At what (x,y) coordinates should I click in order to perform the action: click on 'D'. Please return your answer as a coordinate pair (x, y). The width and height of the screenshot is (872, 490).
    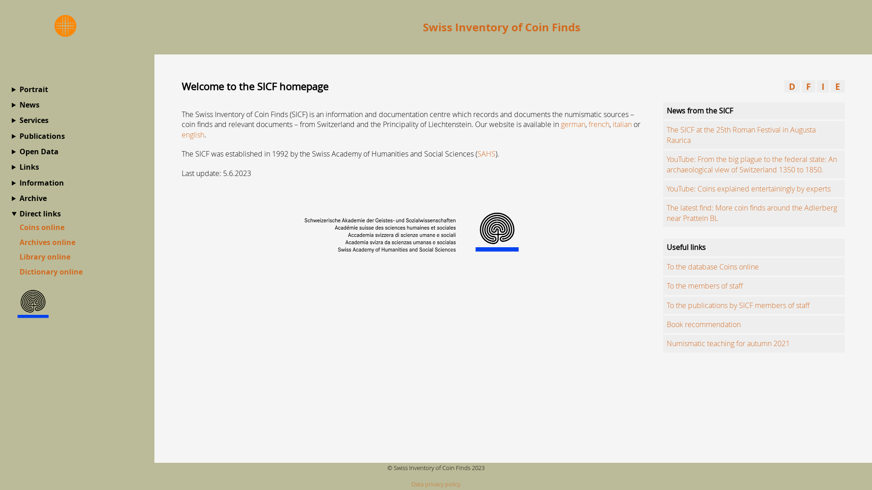
    Looking at the image, I should click on (791, 86).